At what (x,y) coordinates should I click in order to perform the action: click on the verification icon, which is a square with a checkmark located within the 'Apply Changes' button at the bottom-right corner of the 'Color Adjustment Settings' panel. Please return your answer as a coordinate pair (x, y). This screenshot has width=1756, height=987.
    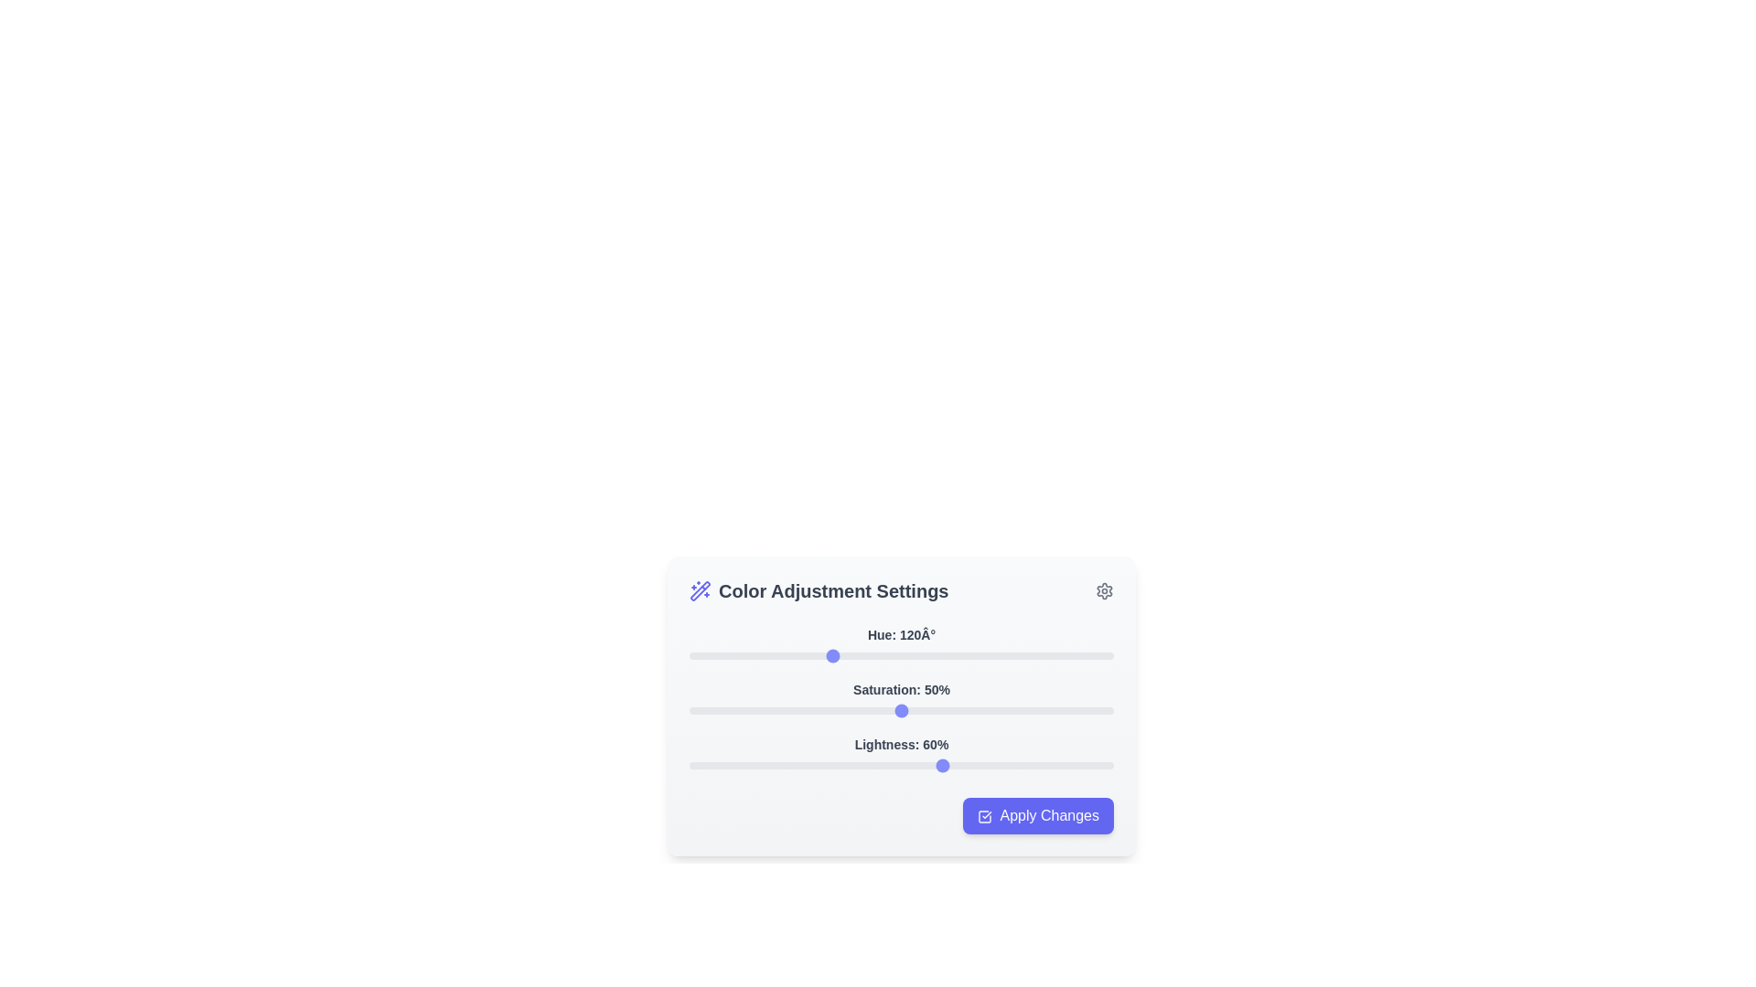
    Looking at the image, I should click on (984, 815).